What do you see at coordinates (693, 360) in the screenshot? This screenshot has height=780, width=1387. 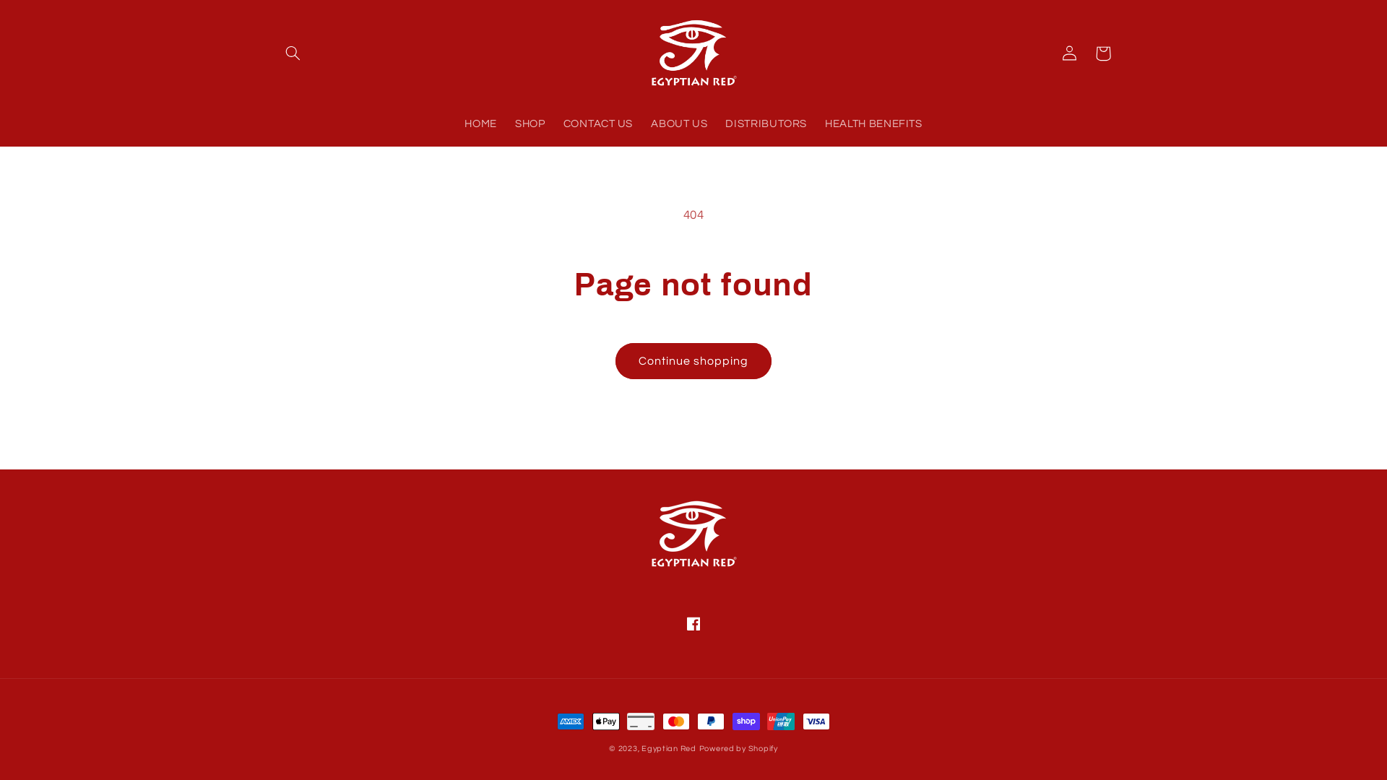 I see `'Continue shopping'` at bounding box center [693, 360].